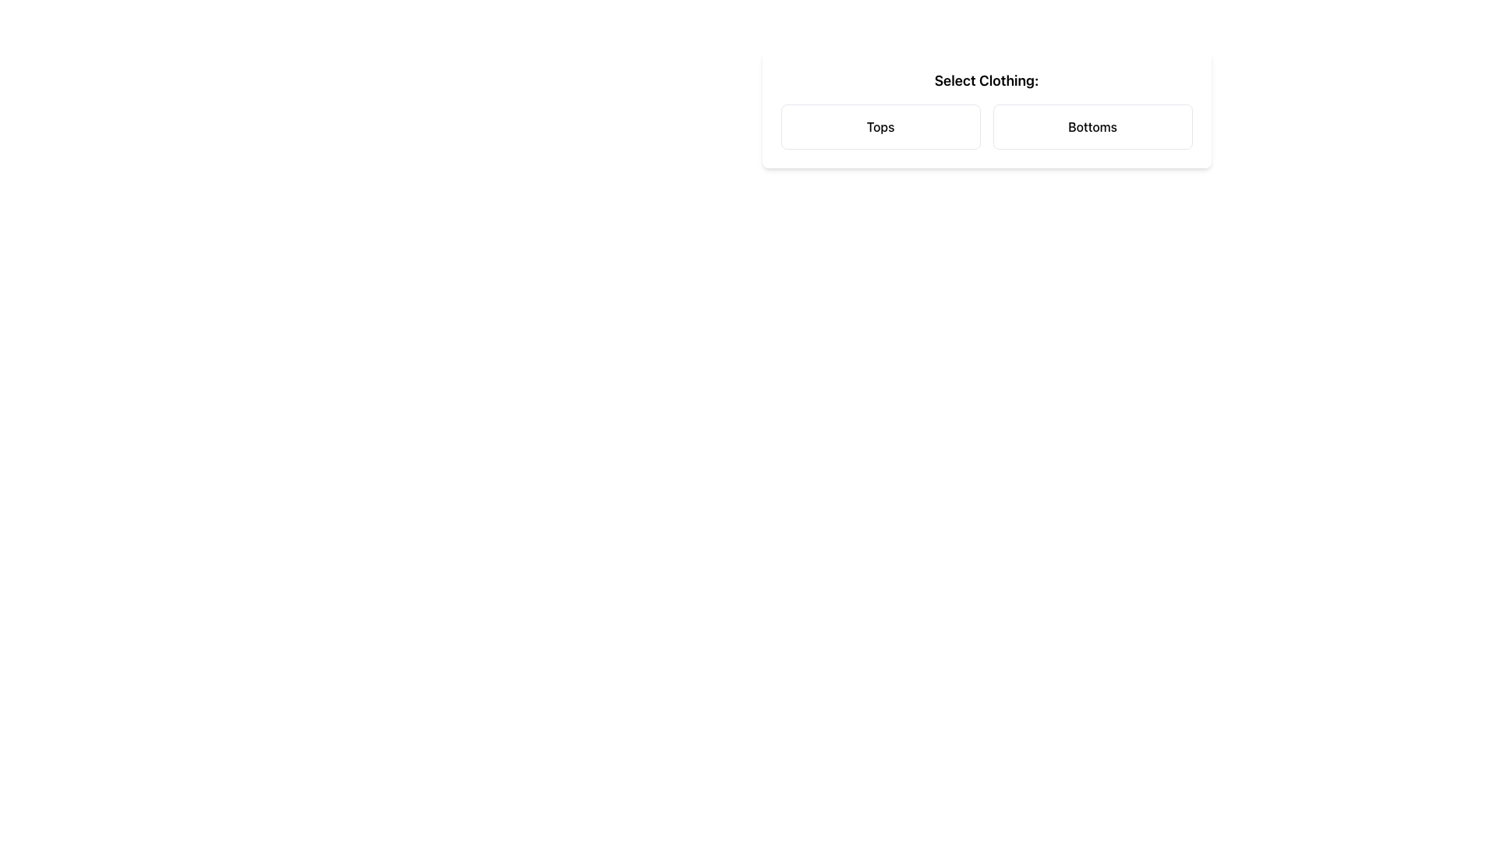 The image size is (1497, 842). Describe the element at coordinates (1092, 126) in the screenshot. I see `the 'Bottoms' button in the 'Select Clothing' section, which is a rectangular element with rounded corners and the text 'Bottoms' centered within it` at that location.